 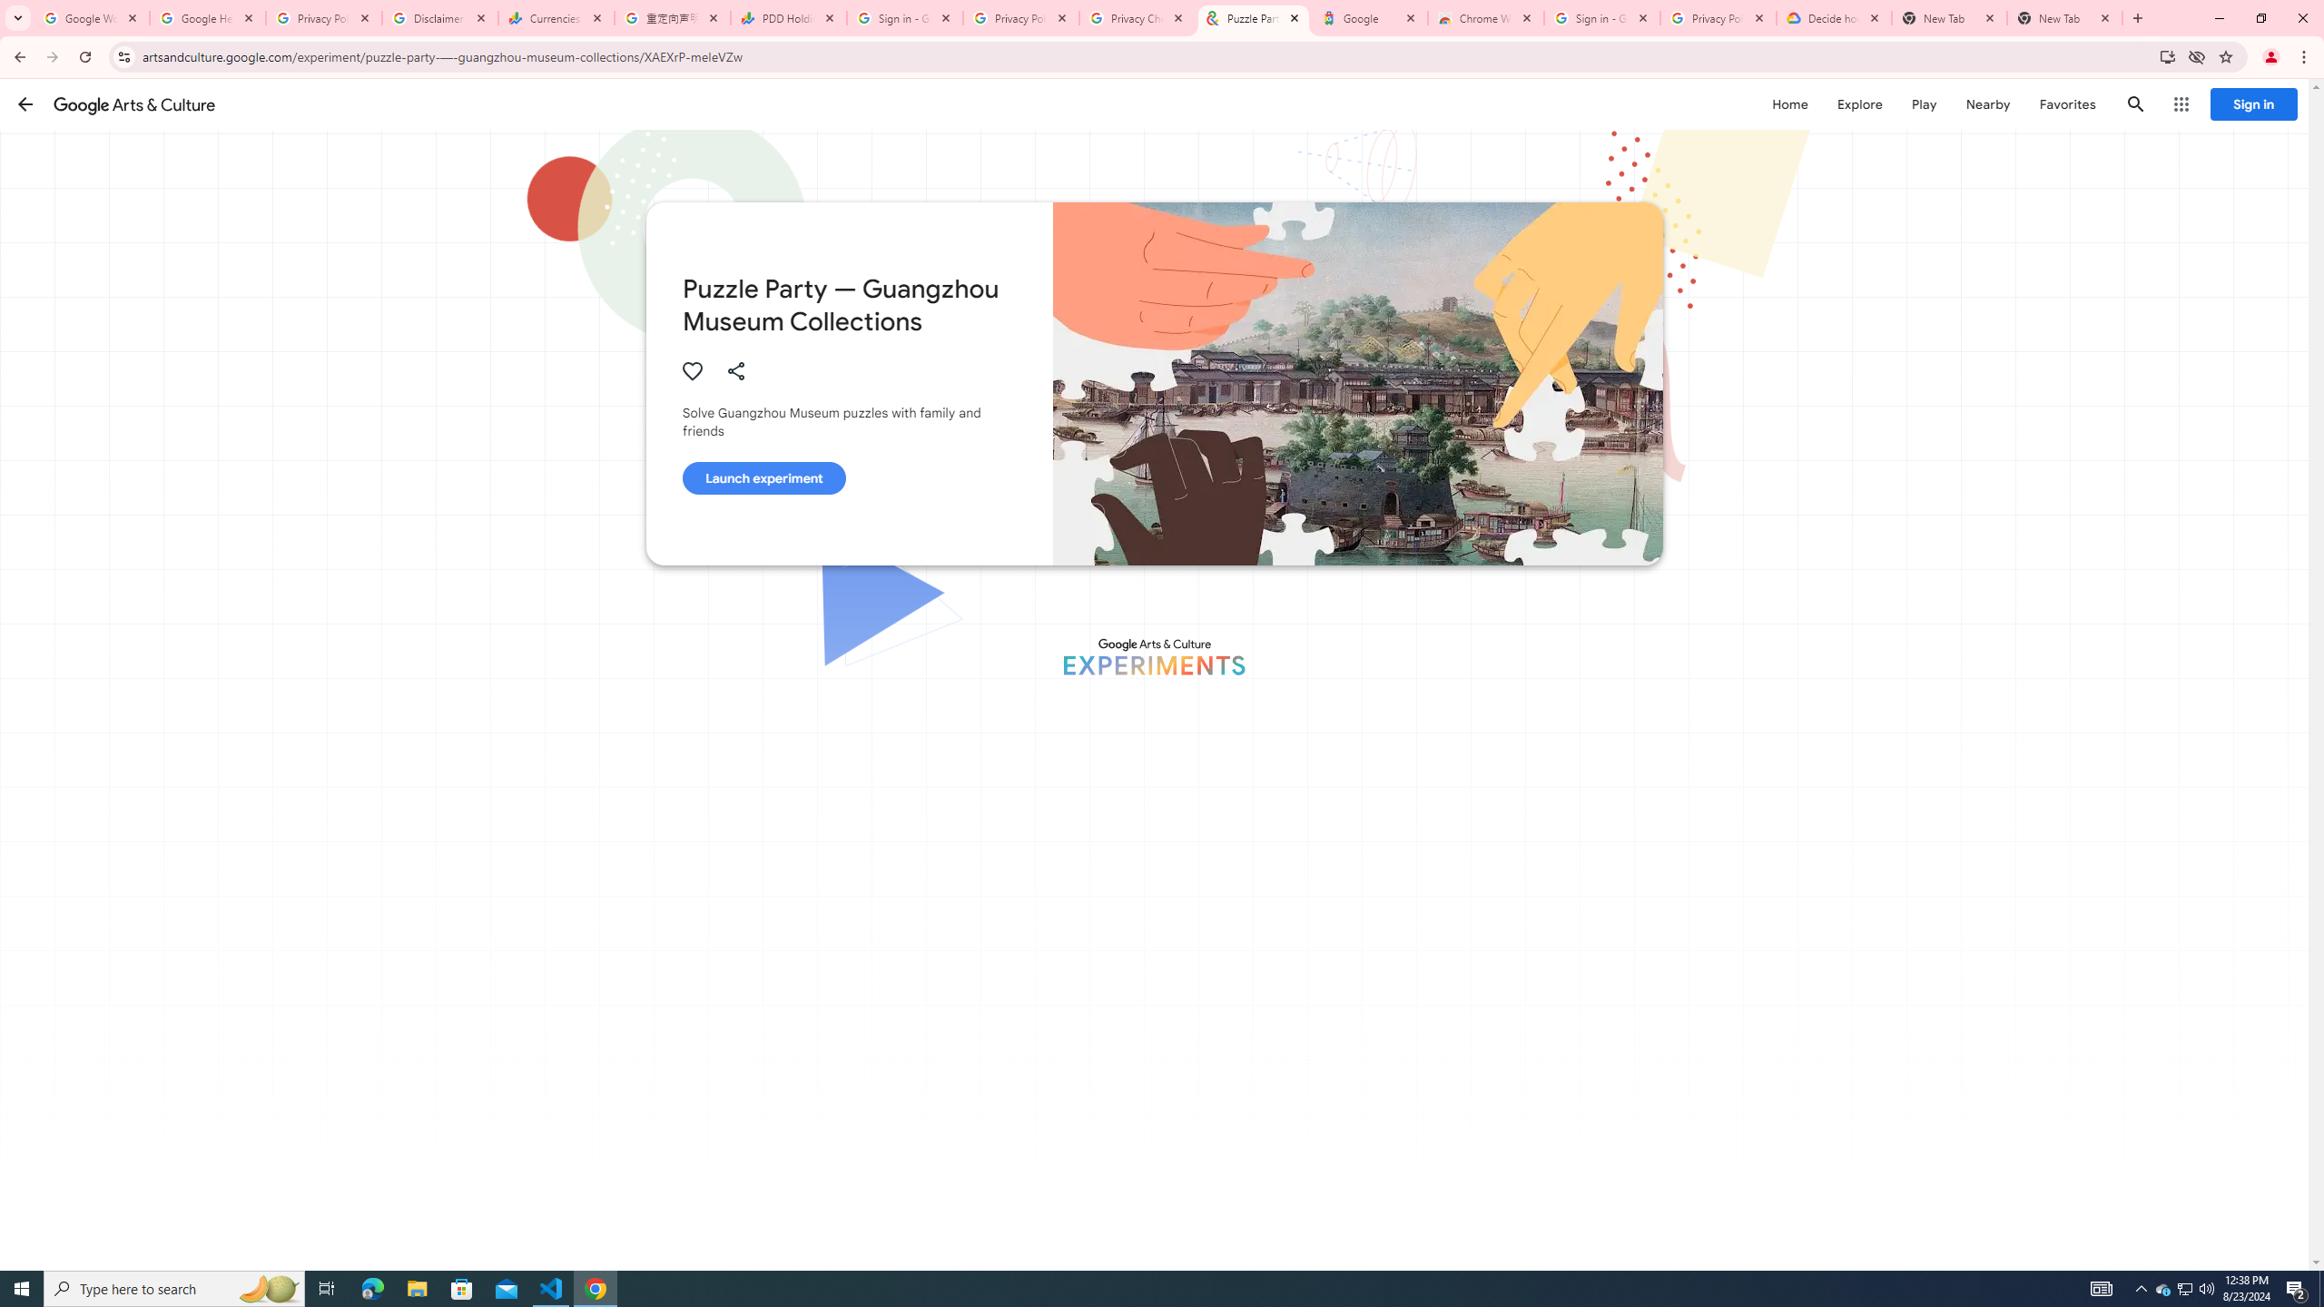 What do you see at coordinates (133, 103) in the screenshot?
I see `'Google Arts & Culture'` at bounding box center [133, 103].